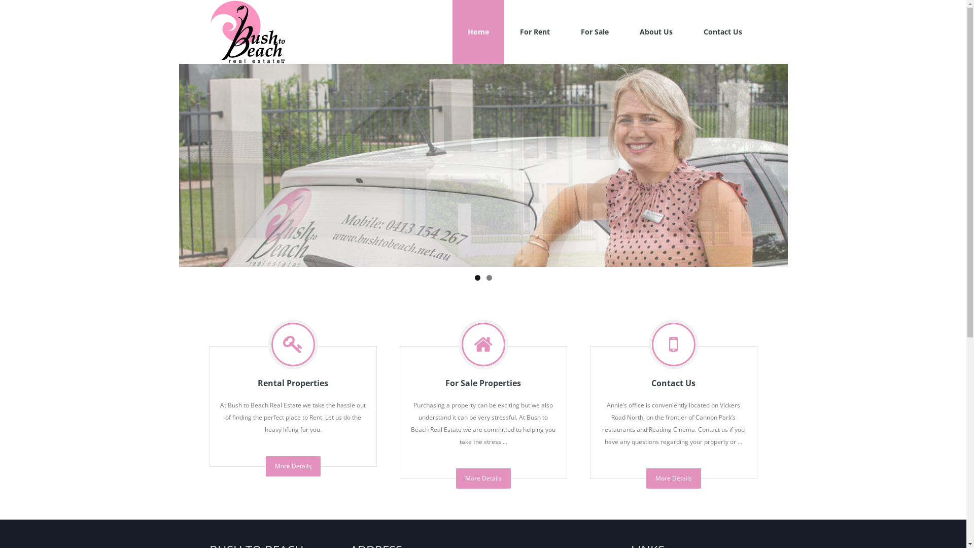  What do you see at coordinates (474, 278) in the screenshot?
I see `'1'` at bounding box center [474, 278].